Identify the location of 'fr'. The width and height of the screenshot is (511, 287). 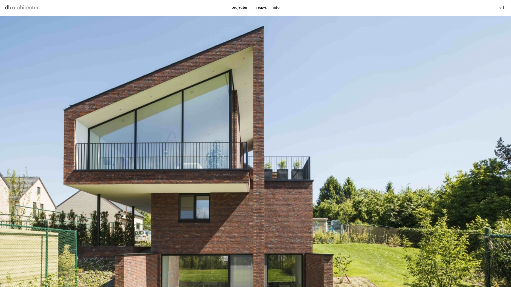
(499, 8).